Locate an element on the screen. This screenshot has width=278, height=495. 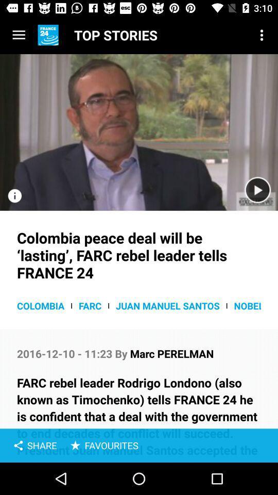
open main menu is located at coordinates (19, 35).